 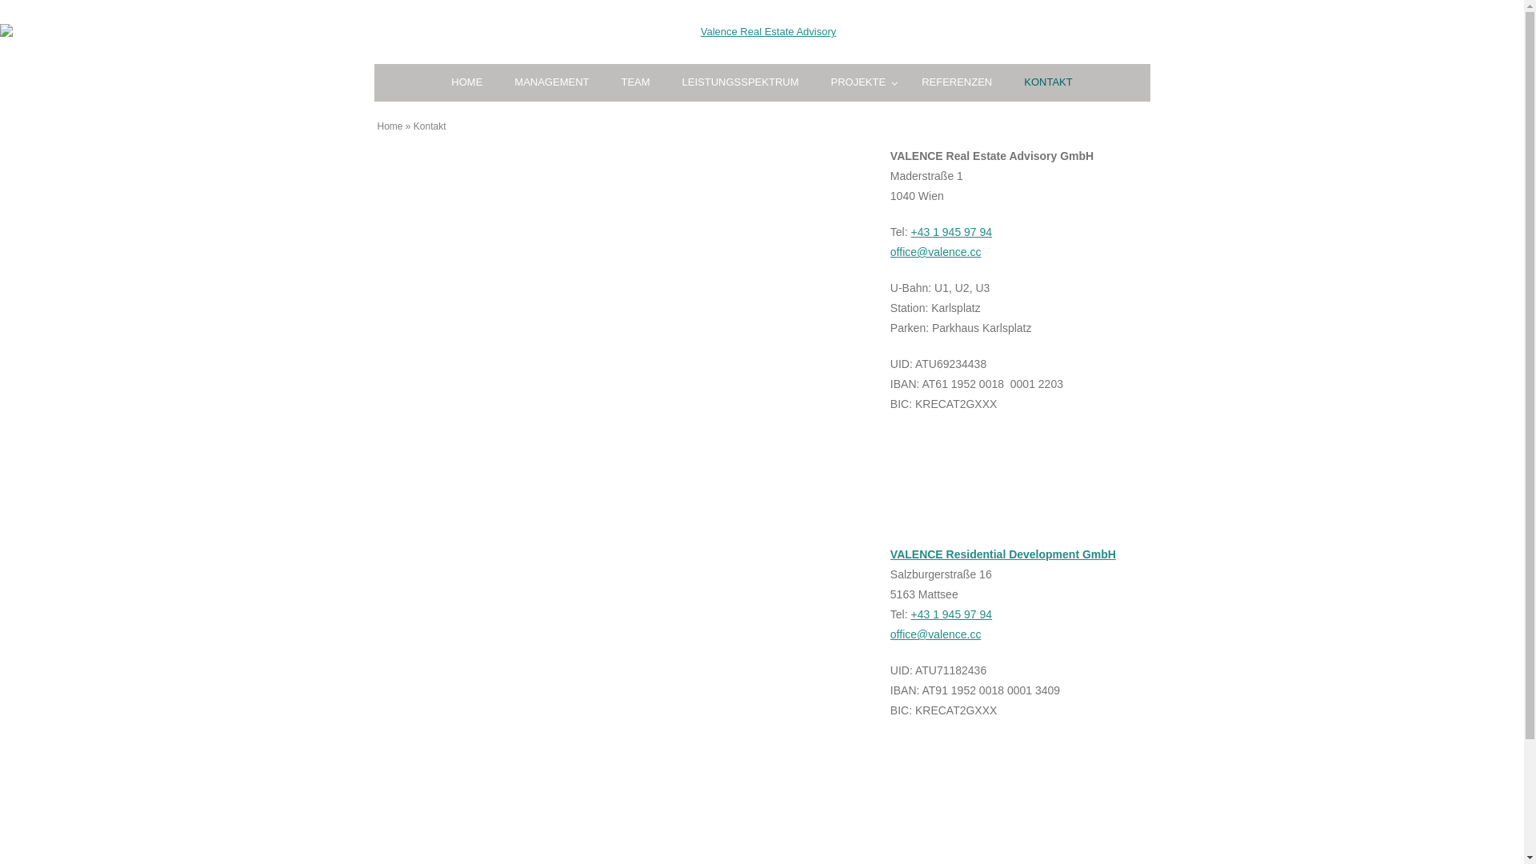 I want to click on 'LEISTUNGSSPEKTRUM', so click(x=740, y=82).